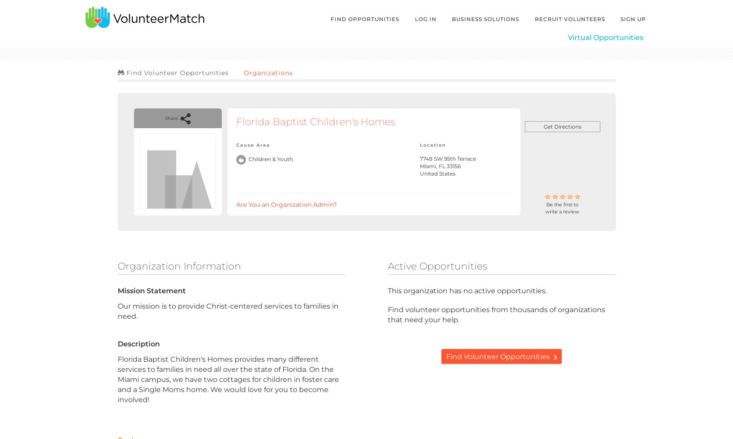 The width and height of the screenshot is (733, 439). I want to click on 'This organization has no active opportunities.', so click(466, 290).